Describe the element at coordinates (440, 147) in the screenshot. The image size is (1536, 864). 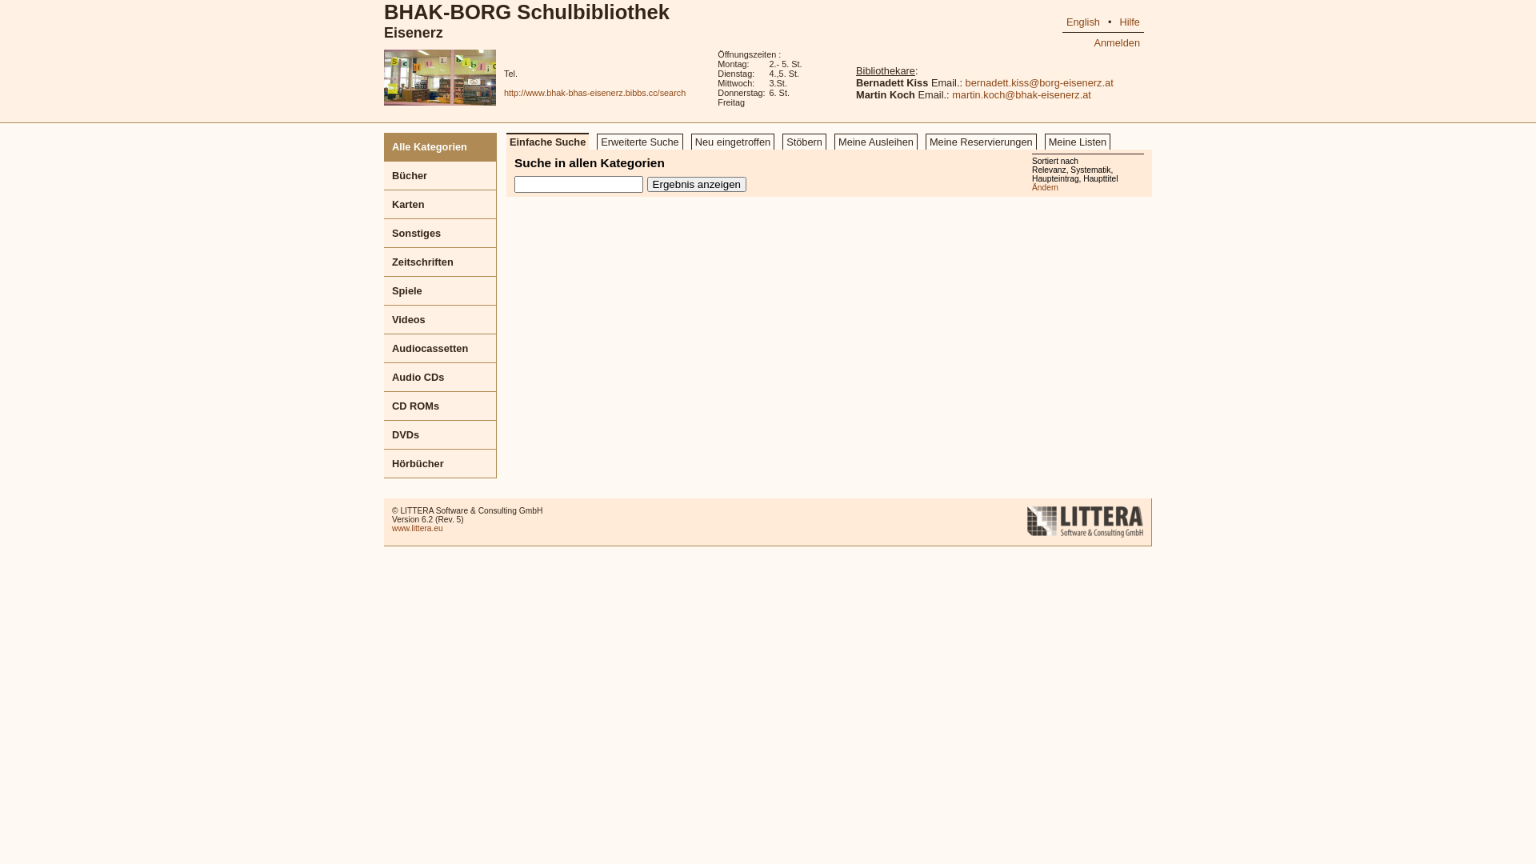
I see `'Alle Kategorien'` at that location.